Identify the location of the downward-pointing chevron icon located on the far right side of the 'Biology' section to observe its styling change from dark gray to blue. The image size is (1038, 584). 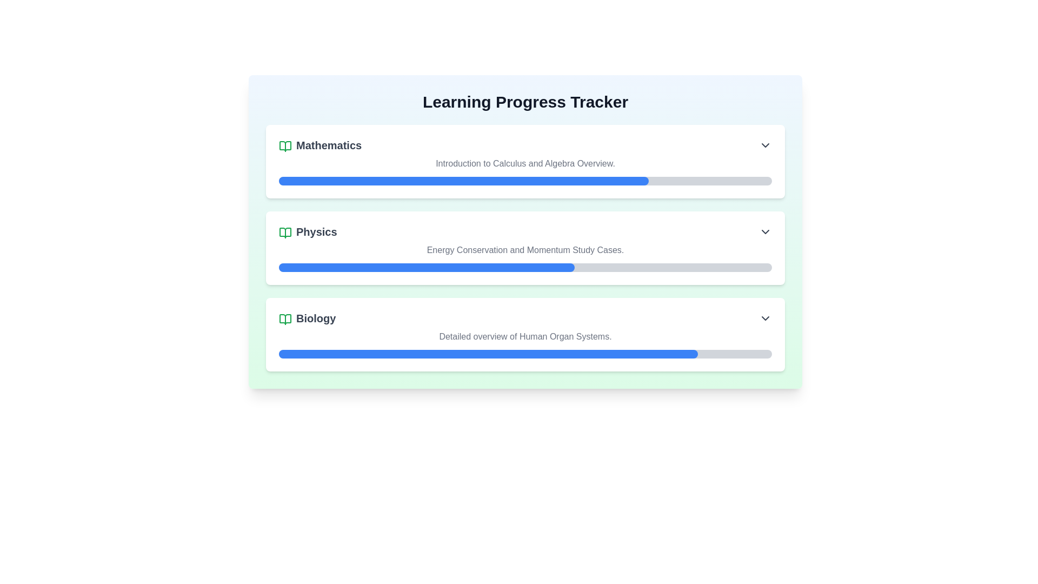
(765, 318).